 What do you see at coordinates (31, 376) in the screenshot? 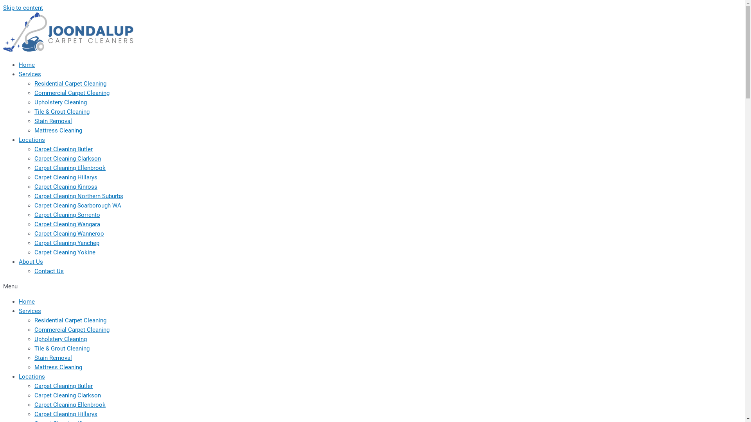
I see `'Locations'` at bounding box center [31, 376].